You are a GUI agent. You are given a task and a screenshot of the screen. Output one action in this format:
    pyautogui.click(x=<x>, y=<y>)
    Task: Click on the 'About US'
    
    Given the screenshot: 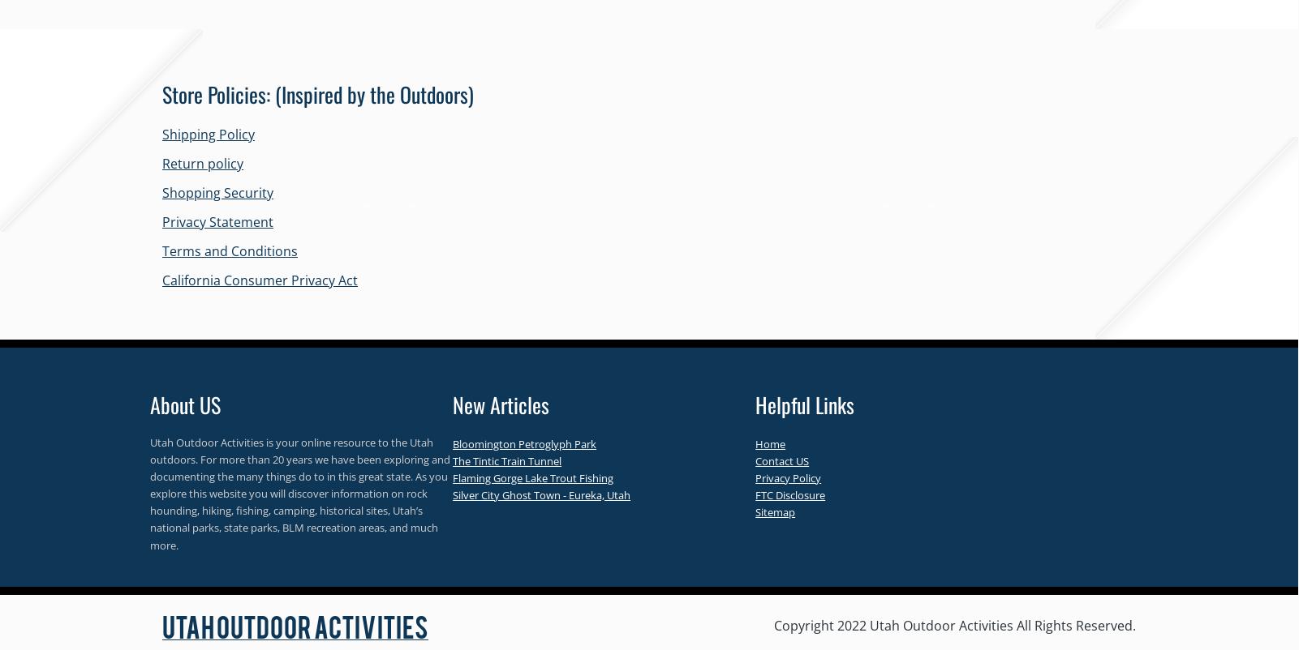 What is the action you would take?
    pyautogui.click(x=185, y=404)
    